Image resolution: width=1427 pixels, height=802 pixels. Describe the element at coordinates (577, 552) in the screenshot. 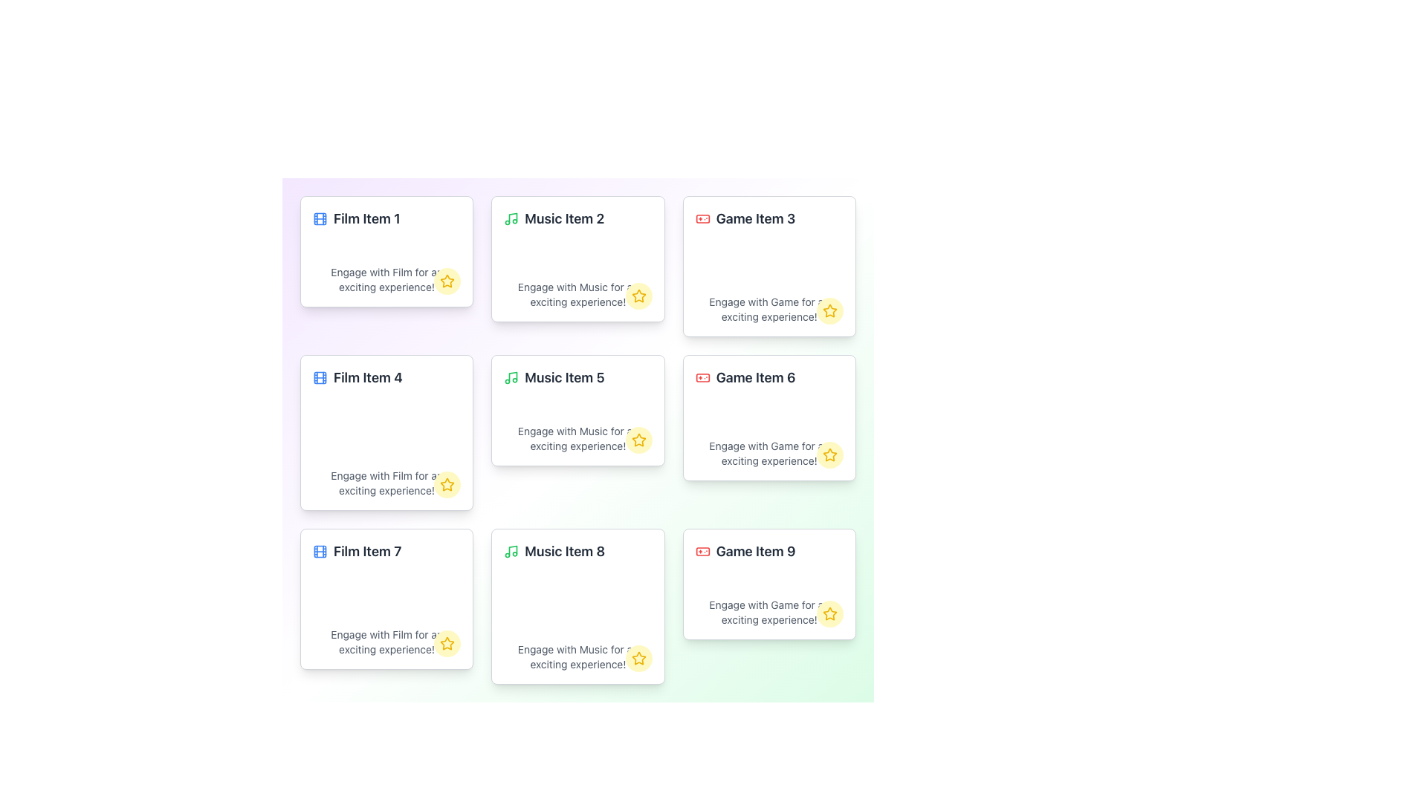

I see `the 'Music Item 8' Text with Icon element, which features a green music note icon on the left and bold dark gray text on the right, located in the middle column of the bottom row in the grid layout` at that location.